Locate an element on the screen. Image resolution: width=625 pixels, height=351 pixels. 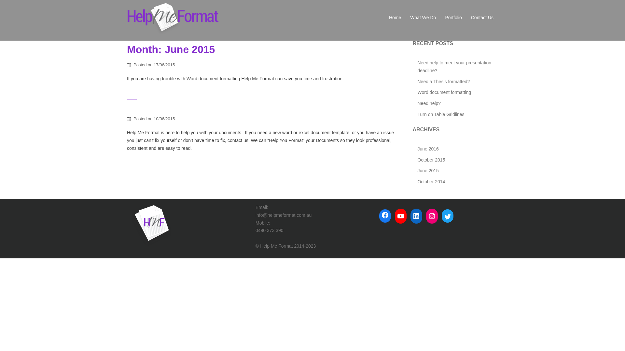
'Contact Us' is located at coordinates (482, 17).